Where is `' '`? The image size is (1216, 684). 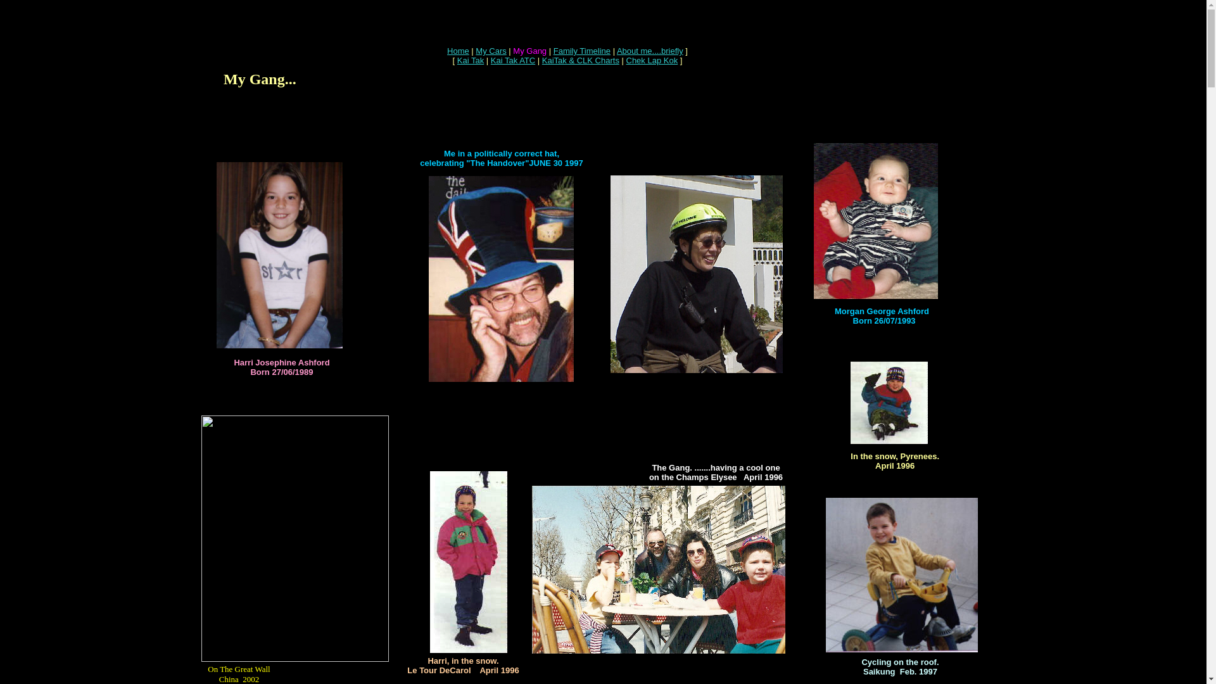
' ' is located at coordinates (319, 136).